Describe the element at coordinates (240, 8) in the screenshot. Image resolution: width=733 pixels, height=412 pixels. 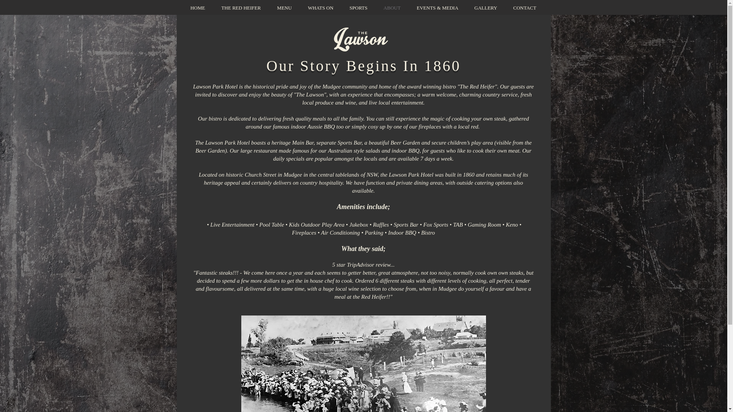
I see `'THE RED HEIFER'` at that location.